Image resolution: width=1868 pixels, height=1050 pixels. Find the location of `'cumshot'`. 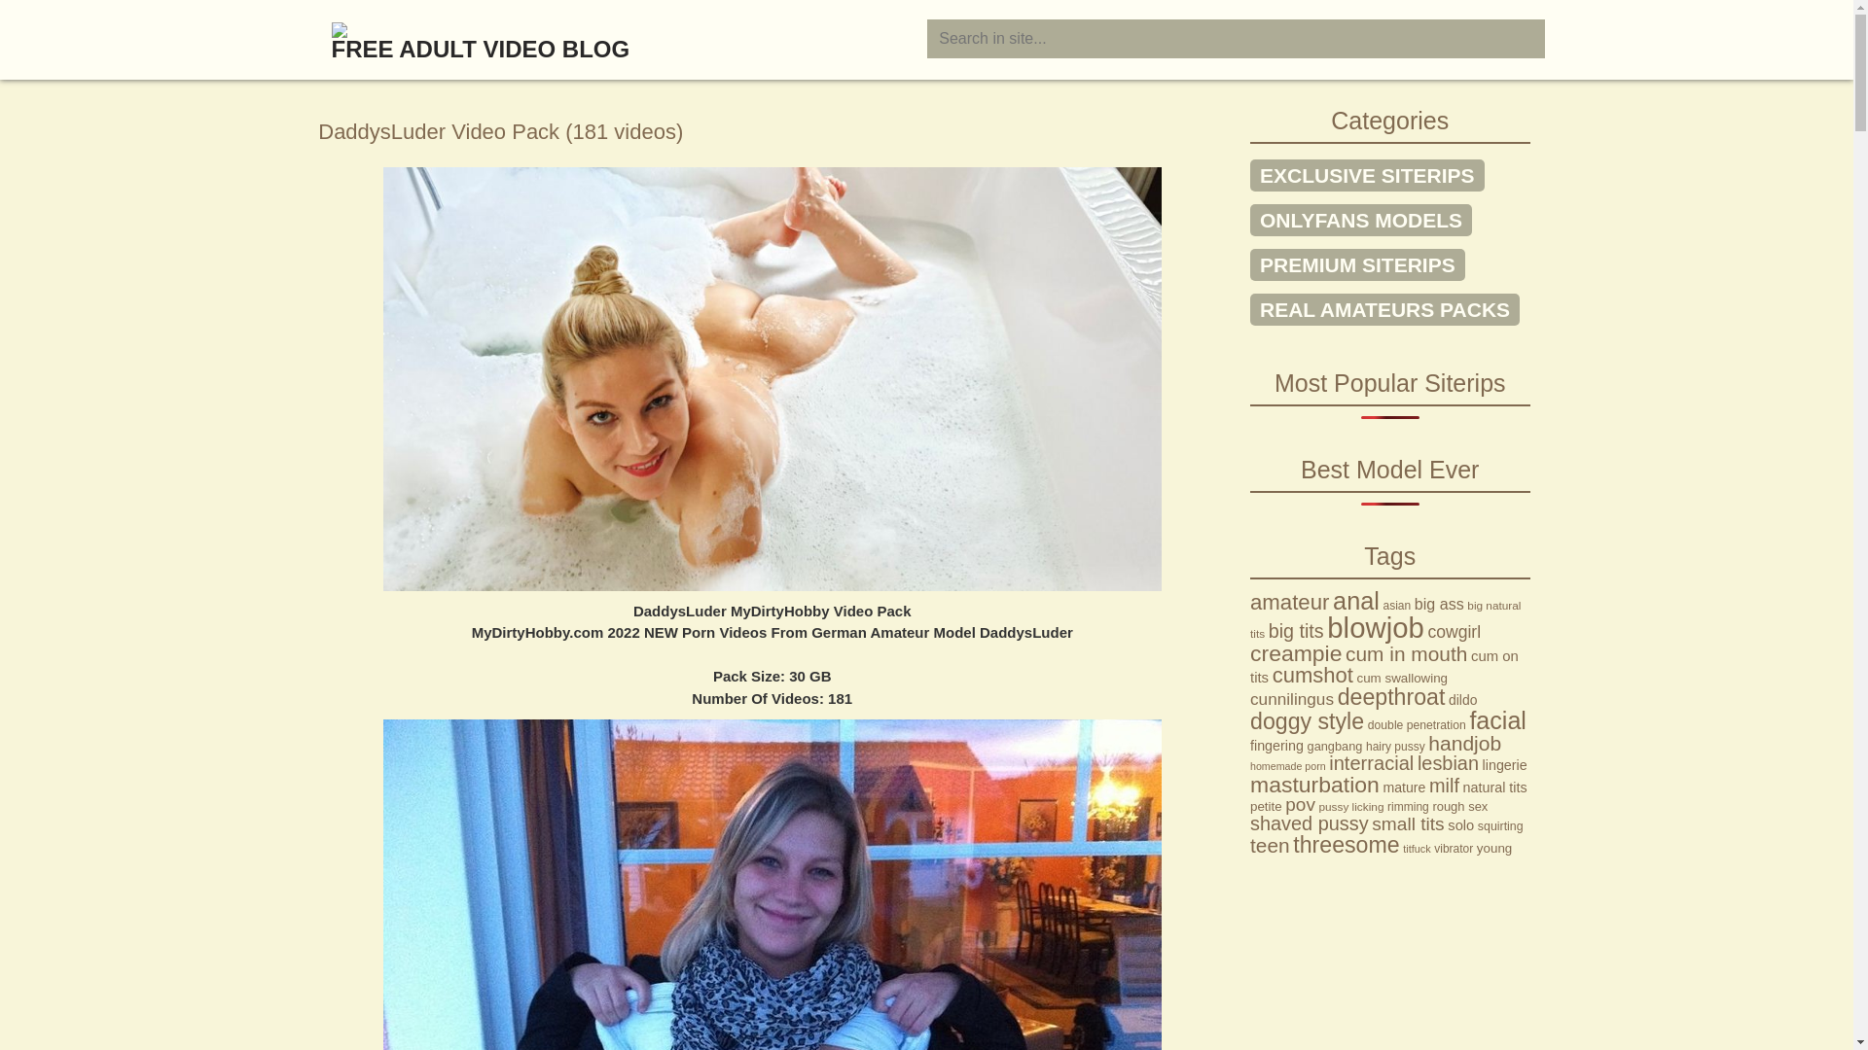

'cumshot' is located at coordinates (1312, 674).